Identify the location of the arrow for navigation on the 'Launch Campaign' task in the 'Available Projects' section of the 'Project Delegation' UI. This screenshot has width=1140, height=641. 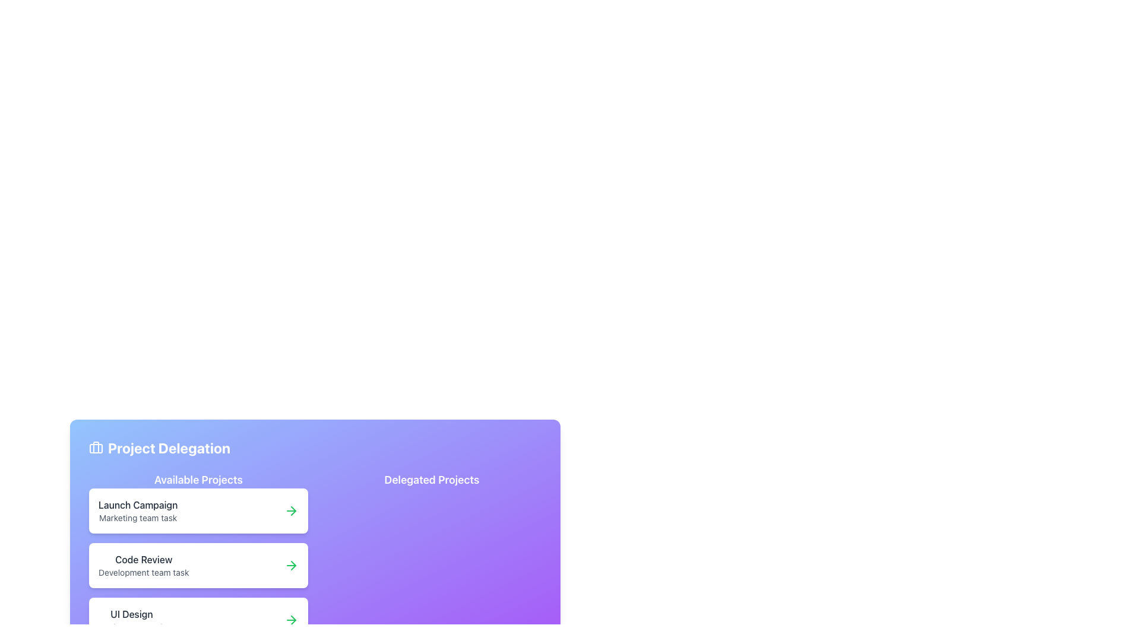
(198, 510).